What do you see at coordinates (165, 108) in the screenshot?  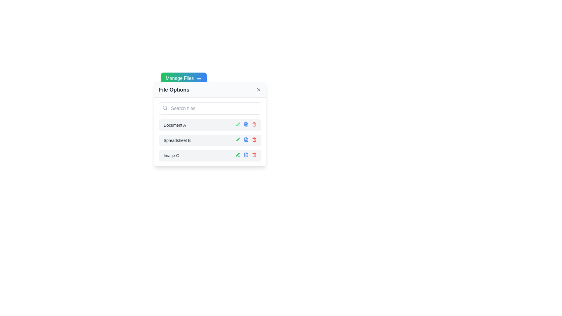 I see `the search icon located at the top left corner inside the search input field` at bounding box center [165, 108].